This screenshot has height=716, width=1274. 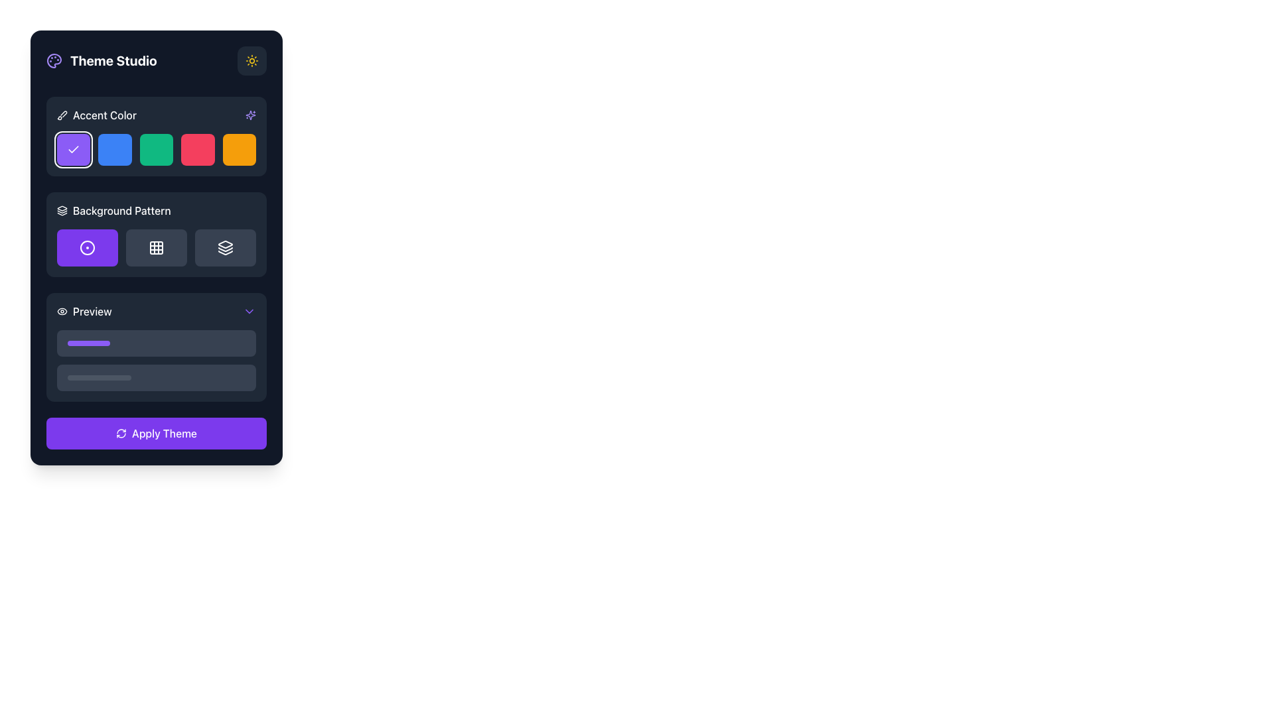 I want to click on label indicating the section related to choosing a background pattern in the customization interface, located in the left-side panel under the 'Accent Color' section, so click(x=156, y=209).